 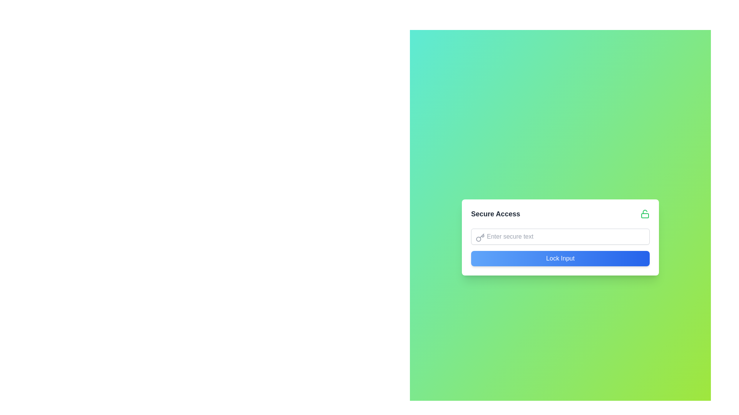 I want to click on the small, light gray circular shape located at the bottom-left corner of the 'key' SVG icon in the top-left corner of the 'Enter secure text' input field, so click(x=478, y=239).